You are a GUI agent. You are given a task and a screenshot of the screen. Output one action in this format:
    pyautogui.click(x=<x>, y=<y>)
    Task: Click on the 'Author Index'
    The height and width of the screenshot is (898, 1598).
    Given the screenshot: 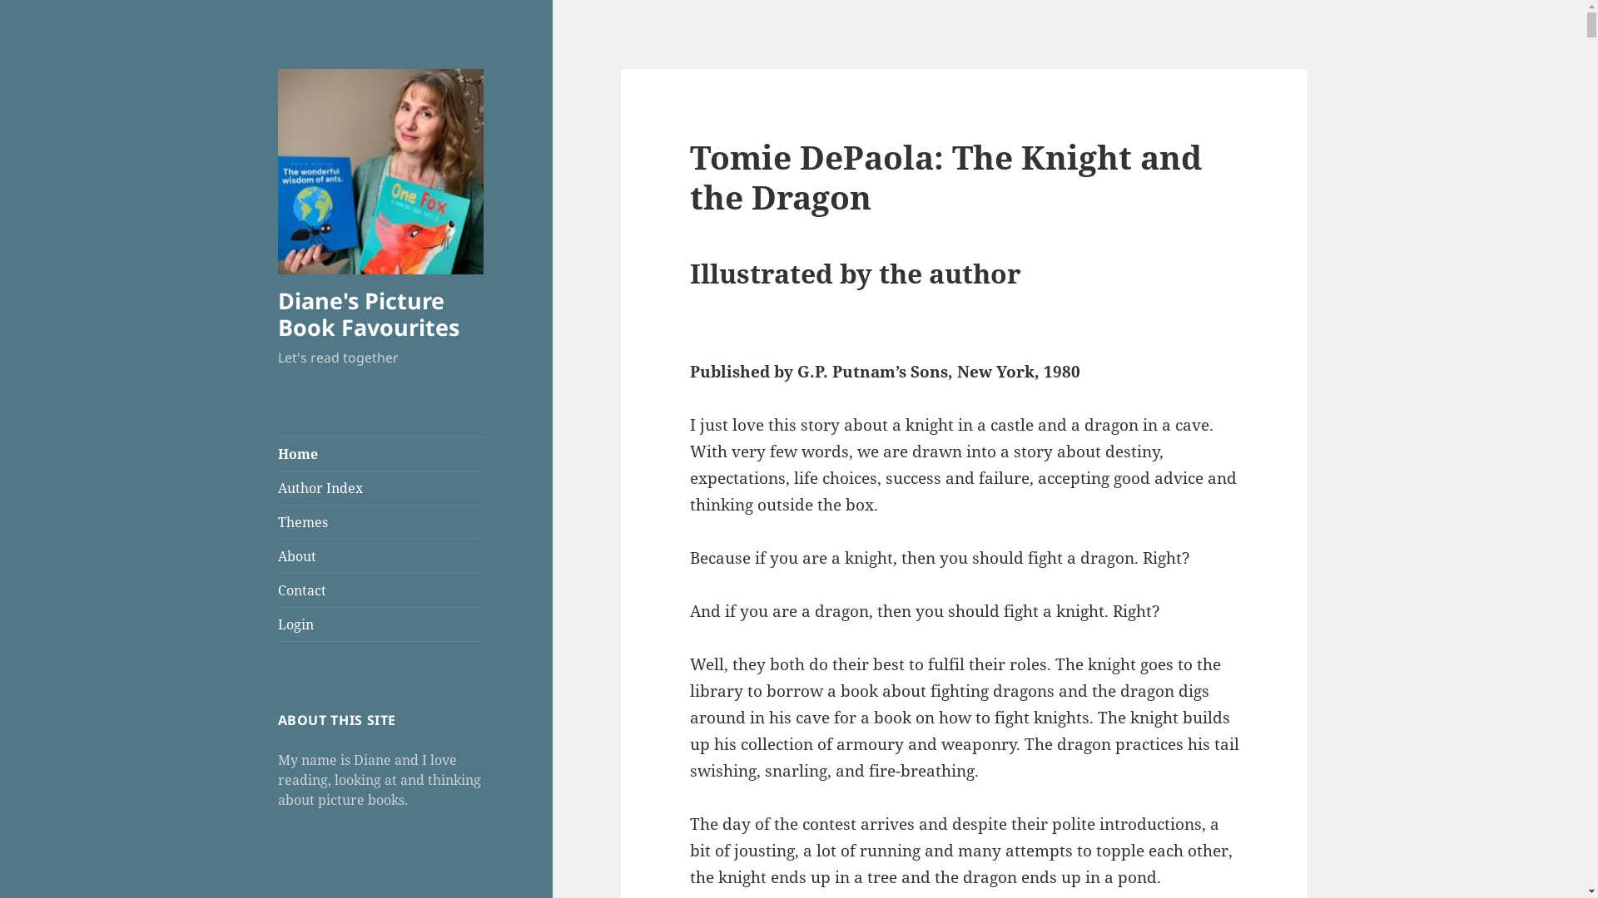 What is the action you would take?
    pyautogui.click(x=380, y=486)
    